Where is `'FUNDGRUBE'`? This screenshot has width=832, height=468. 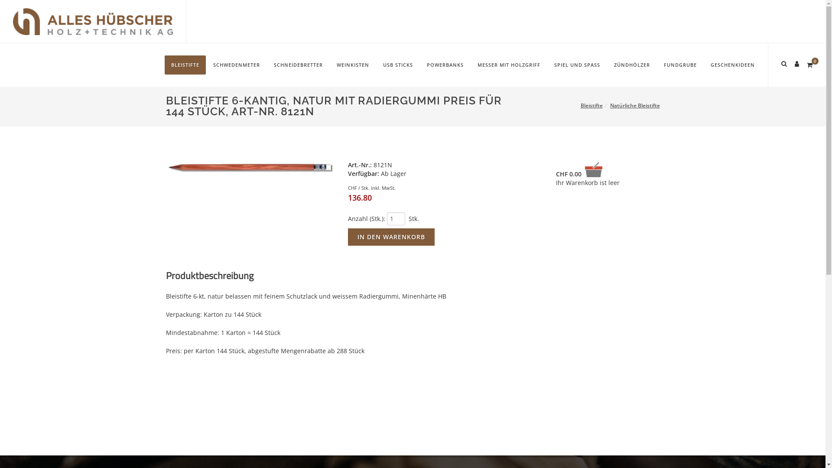
'FUNDGRUBE' is located at coordinates (679, 65).